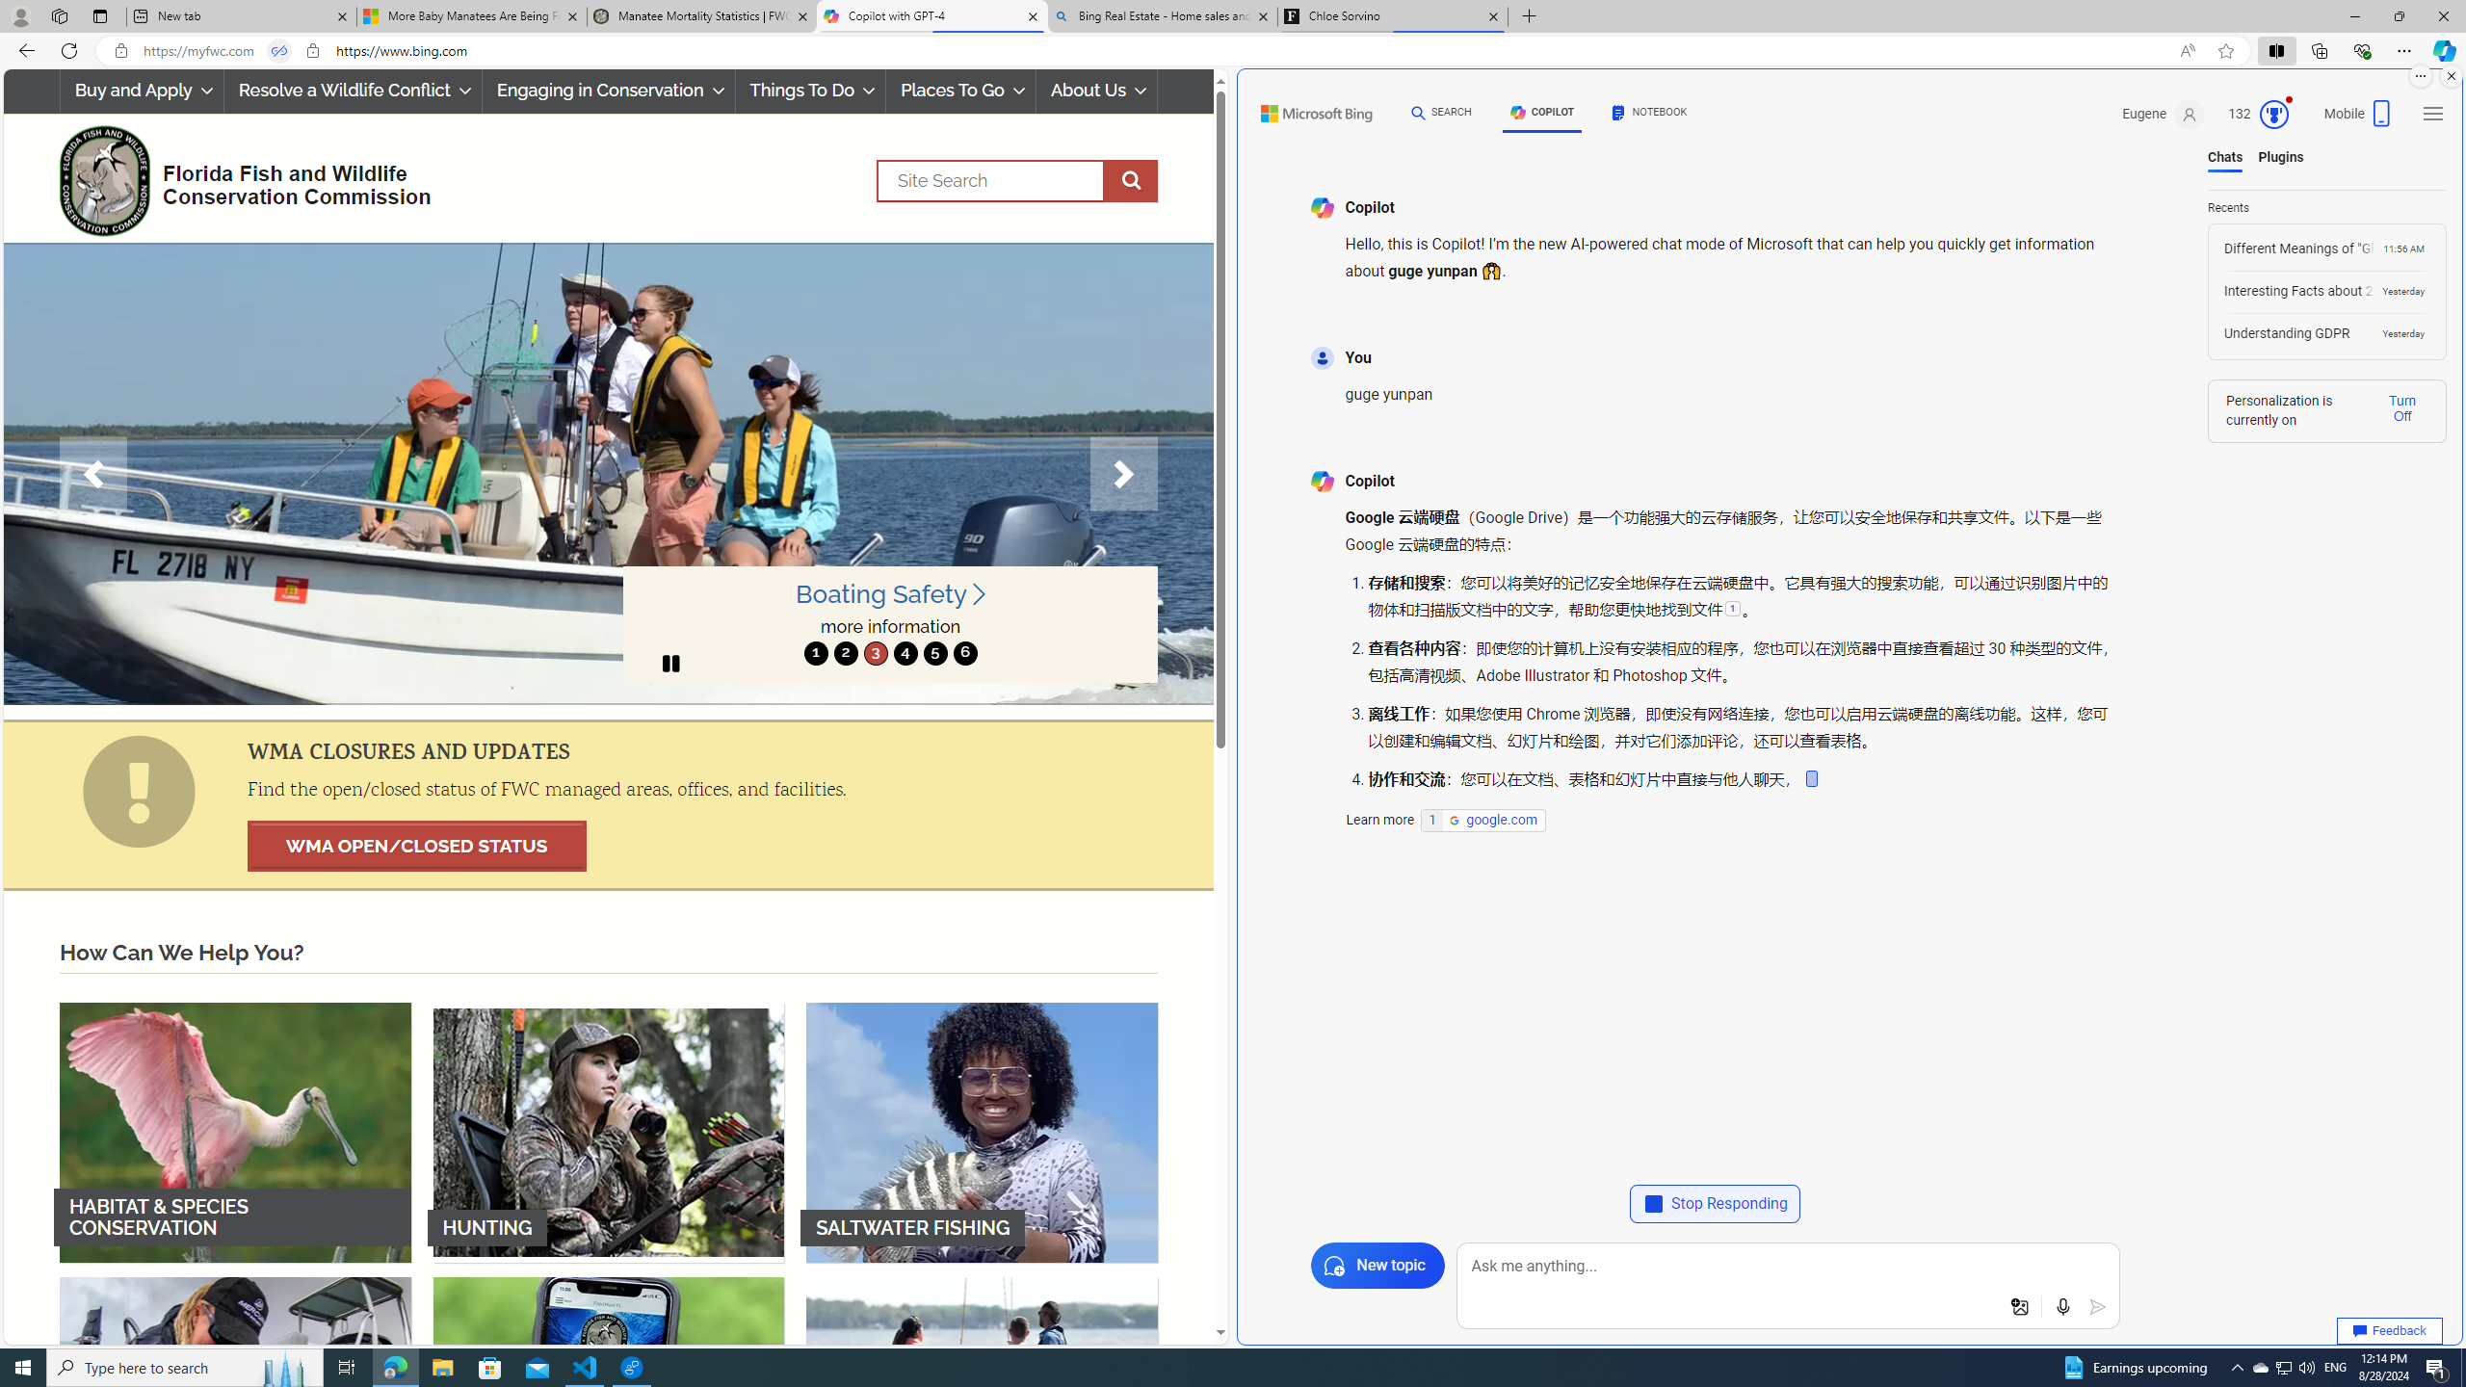 The width and height of the screenshot is (2466, 1387). What do you see at coordinates (2273, 114) in the screenshot?
I see `'Class: outer-circle-animation'` at bounding box center [2273, 114].